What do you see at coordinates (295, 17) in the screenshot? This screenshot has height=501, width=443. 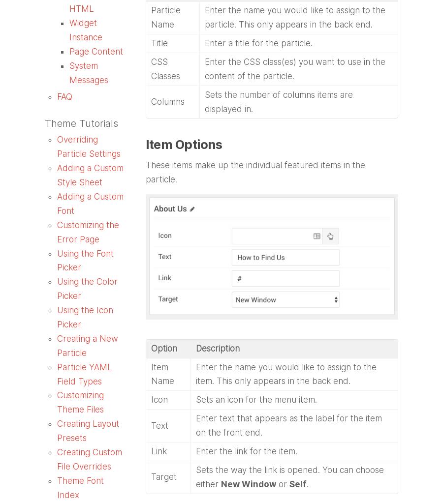 I see `'Enter the name you would like to assign to the particle. This only appears in the back end.'` at bounding box center [295, 17].